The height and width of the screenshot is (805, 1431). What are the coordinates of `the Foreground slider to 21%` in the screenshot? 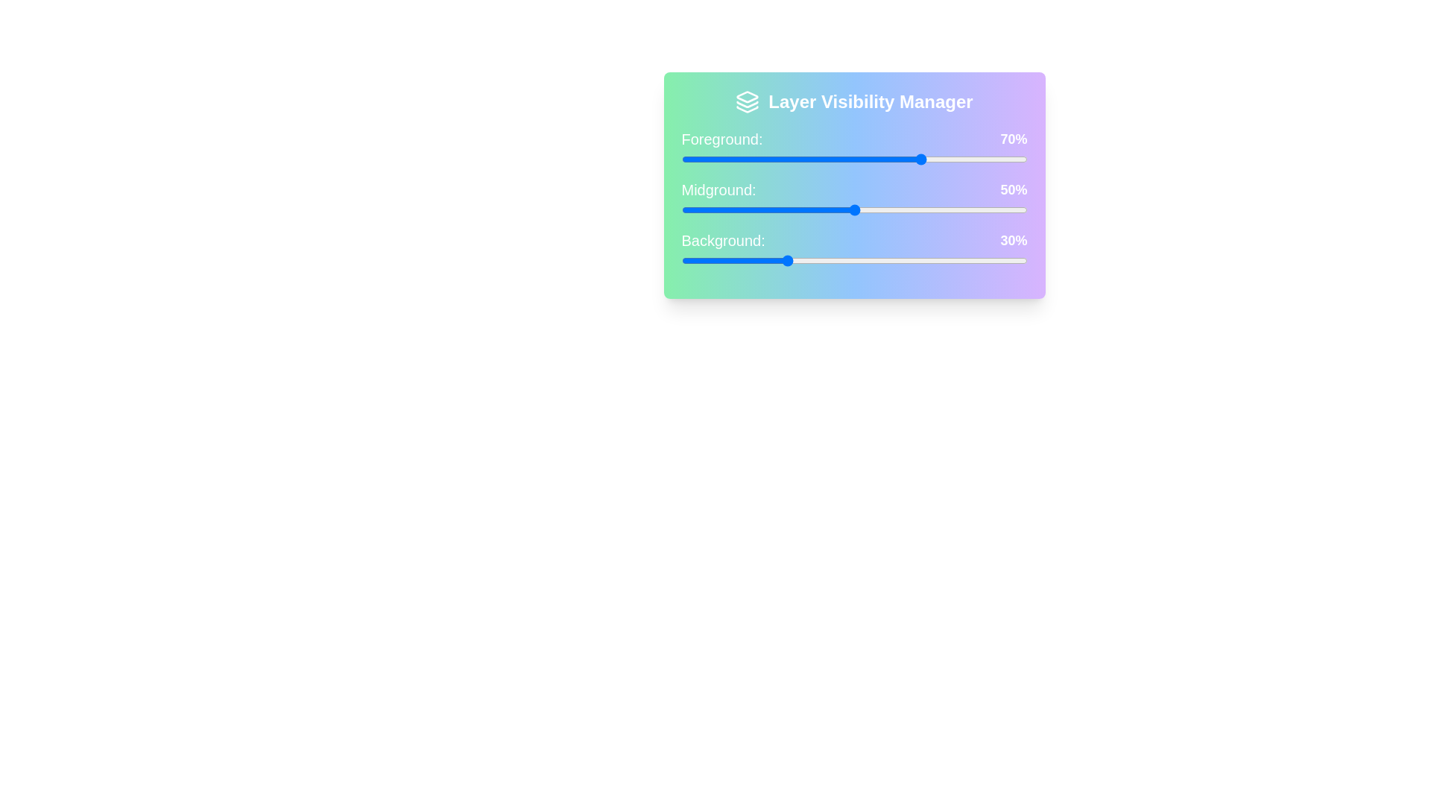 It's located at (754, 159).